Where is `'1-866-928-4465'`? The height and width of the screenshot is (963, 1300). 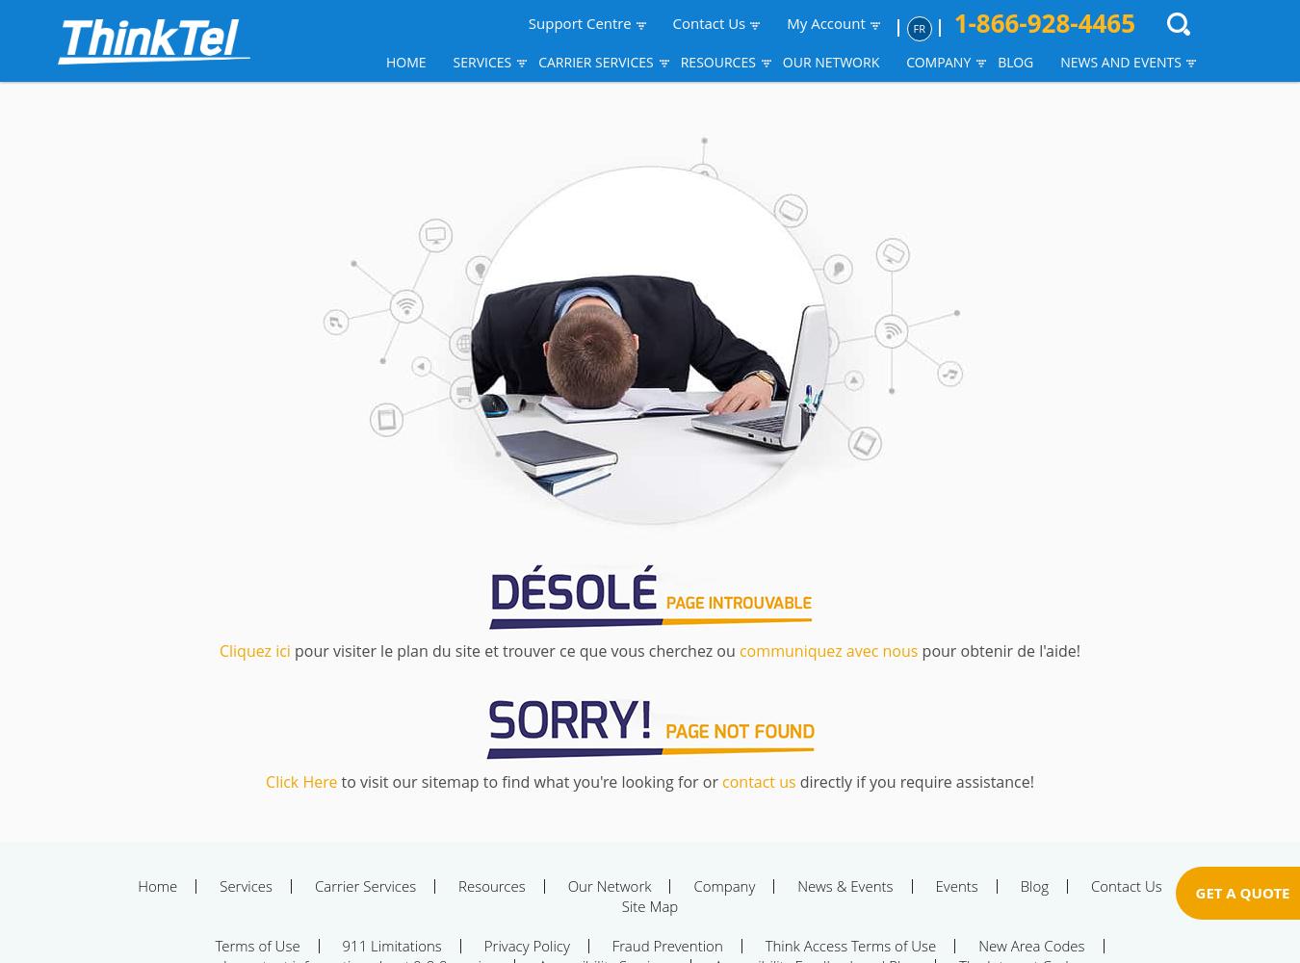
'1-866-928-4465' is located at coordinates (1044, 23).